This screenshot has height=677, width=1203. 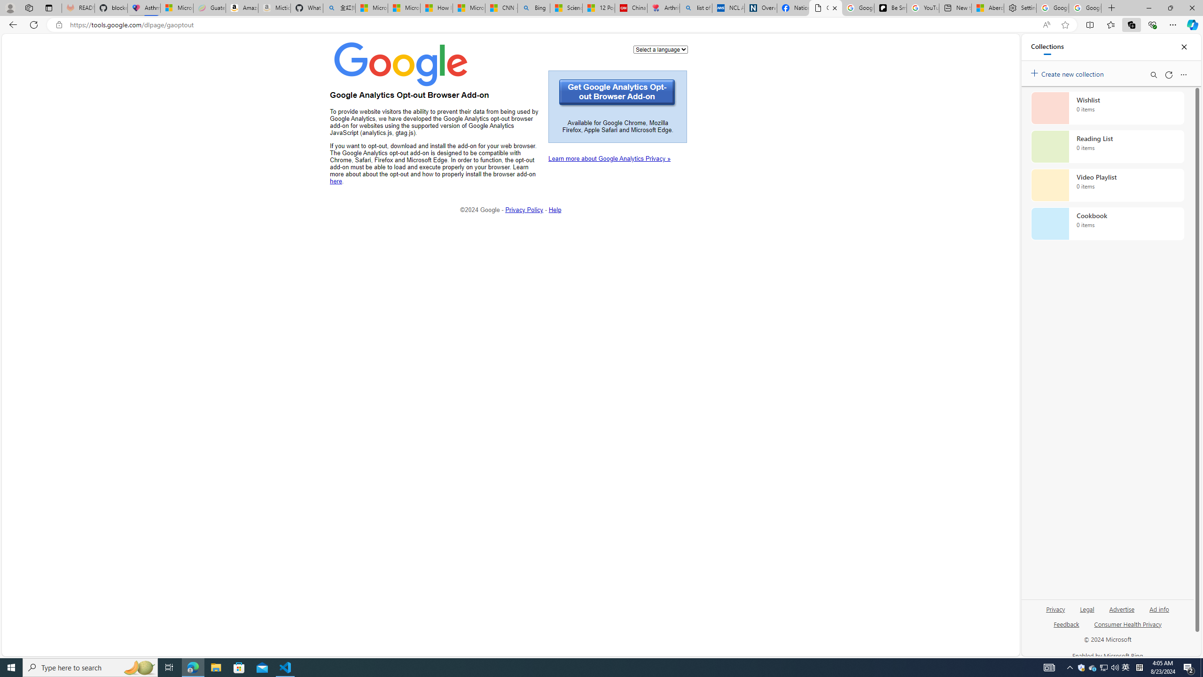 I want to click on 'Wishlist collection, 0 items', so click(x=1107, y=108).